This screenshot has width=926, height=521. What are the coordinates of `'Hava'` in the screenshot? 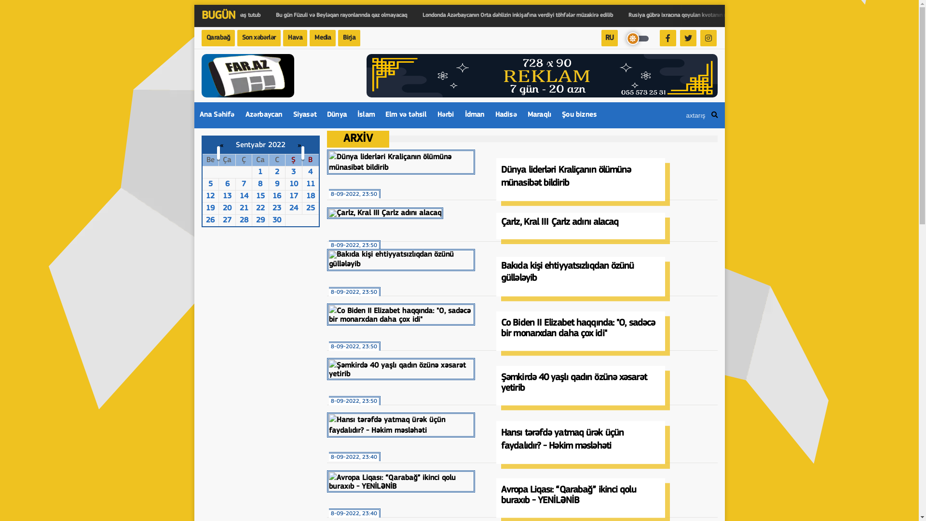 It's located at (294, 37).